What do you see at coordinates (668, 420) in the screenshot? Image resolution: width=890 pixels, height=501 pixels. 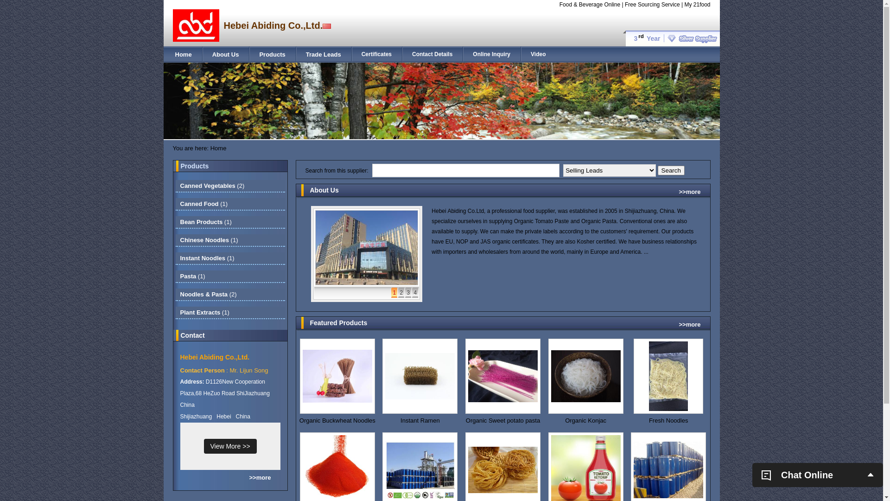 I see `'Fresh Noodles'` at bounding box center [668, 420].